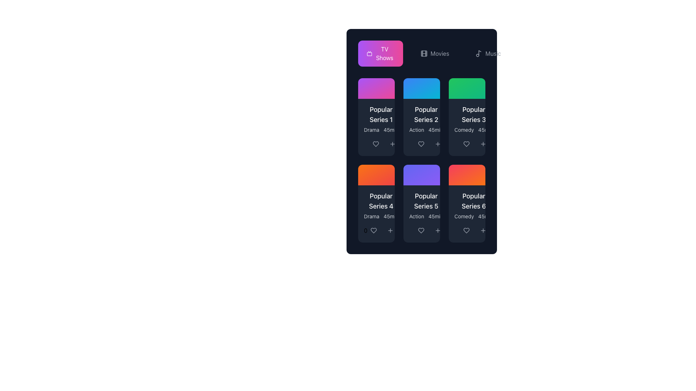 This screenshot has height=391, width=696. Describe the element at coordinates (381, 129) in the screenshot. I see `the text label displaying the genre 'Drama' and duration '45min', located beneath the title 'Popular Series 1' in the first item of the grid layout under the 'TV Shows' section` at that location.